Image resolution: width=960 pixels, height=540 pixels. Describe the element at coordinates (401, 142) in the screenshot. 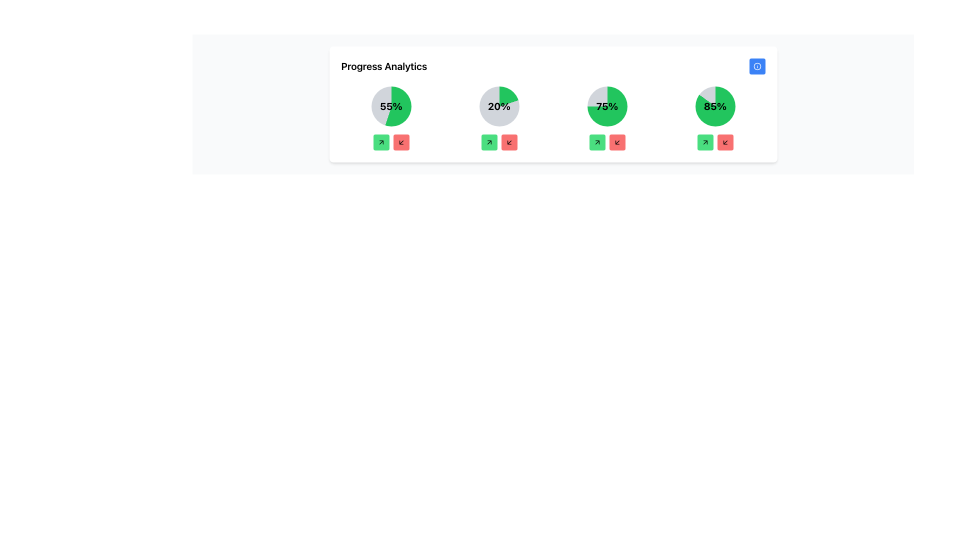

I see `the actionable icon within the red button located below the '55%' progress chart in the 'Progress Analytics' section` at that location.